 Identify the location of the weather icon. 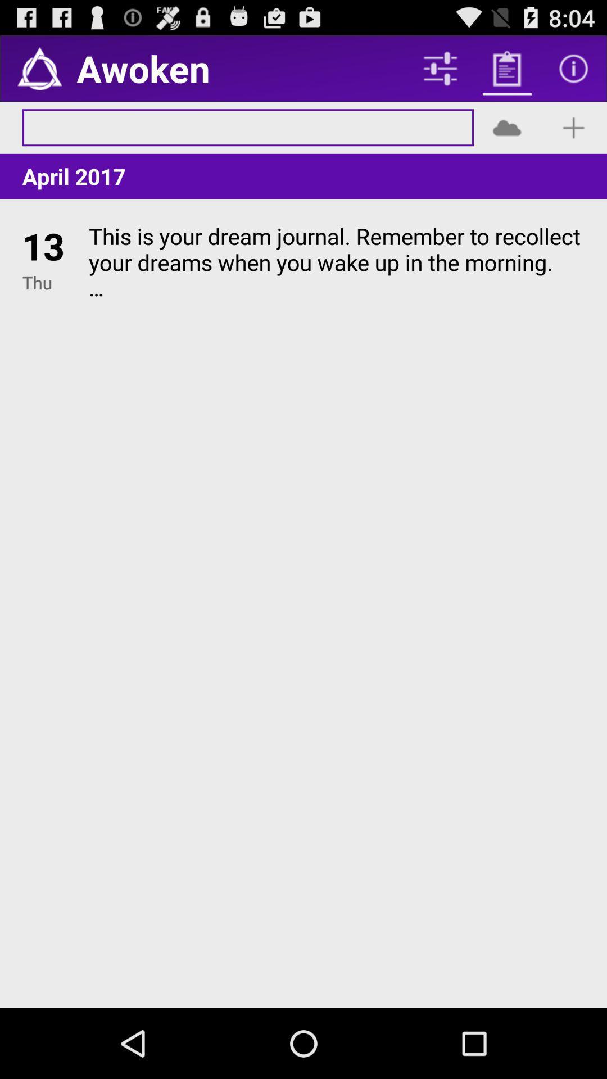
(507, 136).